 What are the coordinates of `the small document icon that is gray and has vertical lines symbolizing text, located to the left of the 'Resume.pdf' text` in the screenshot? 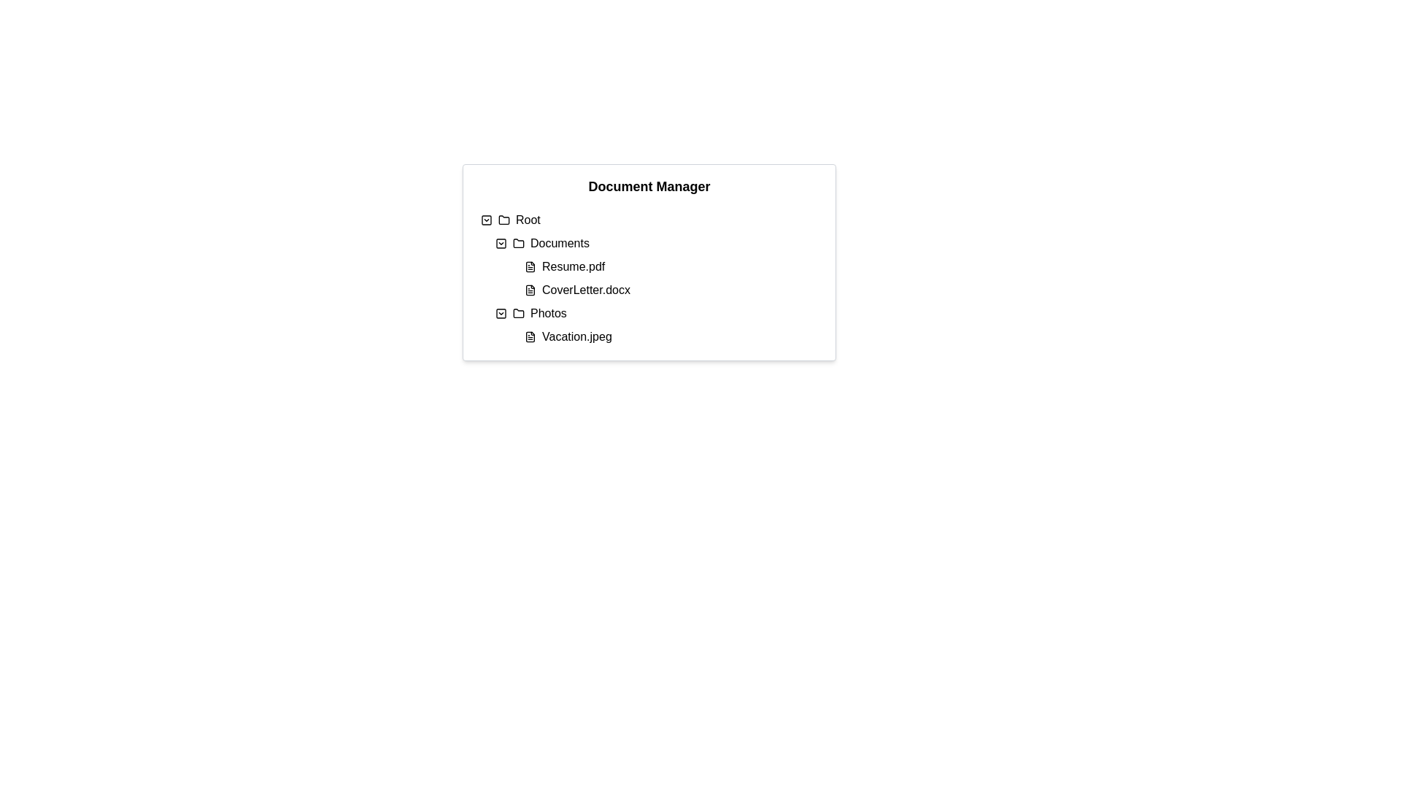 It's located at (529, 267).